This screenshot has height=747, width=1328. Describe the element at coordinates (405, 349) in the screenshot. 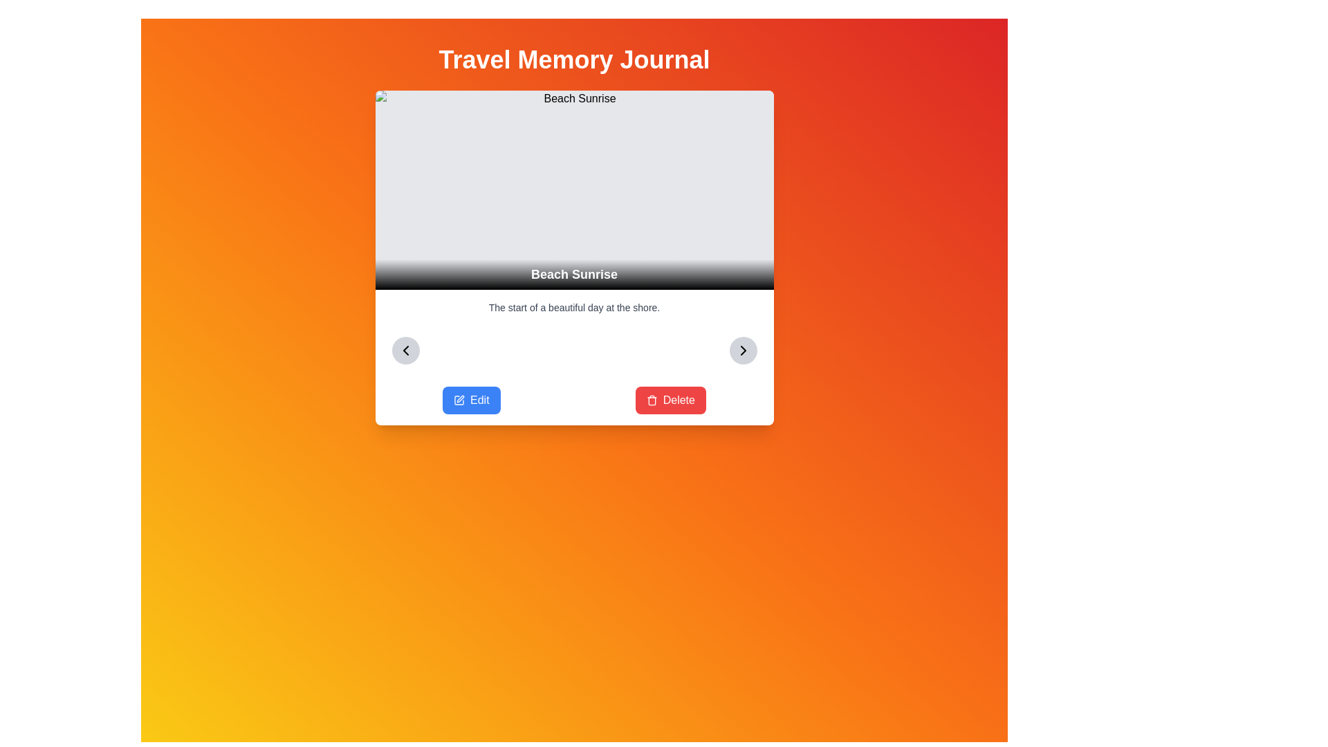

I see `the circular button with a gray background and a black left-pointing chevron icon` at that location.